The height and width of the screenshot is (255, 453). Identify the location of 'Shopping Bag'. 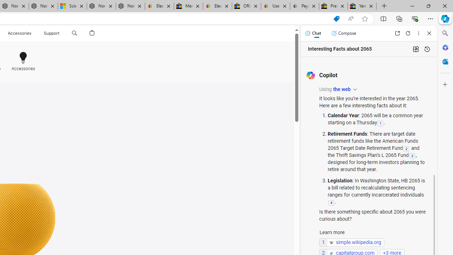
(92, 33).